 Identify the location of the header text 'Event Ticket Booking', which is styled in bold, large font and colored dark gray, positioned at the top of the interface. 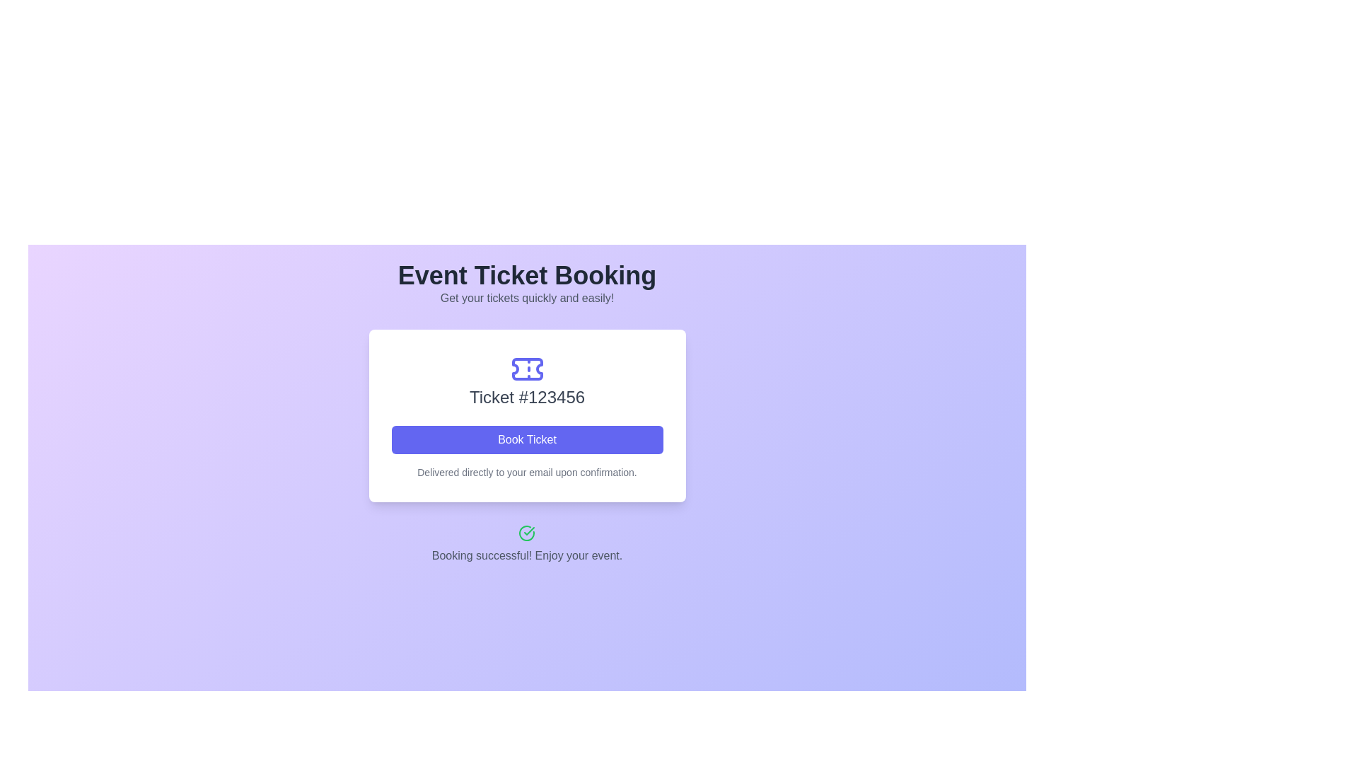
(526, 275).